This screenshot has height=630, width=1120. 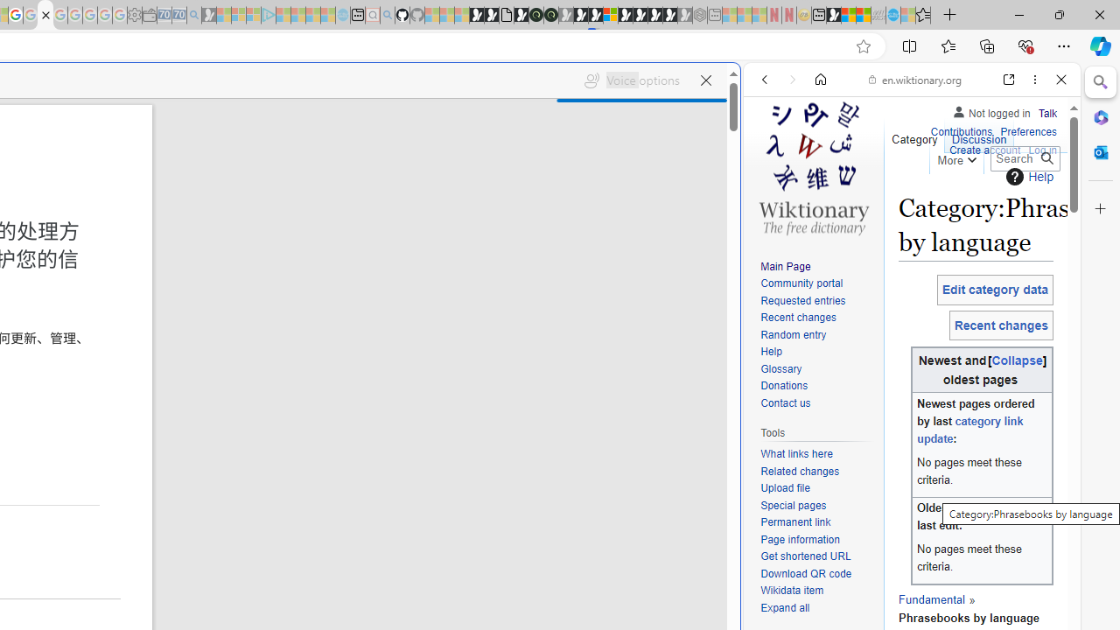 I want to click on 'Close read aloud', so click(x=705, y=80).